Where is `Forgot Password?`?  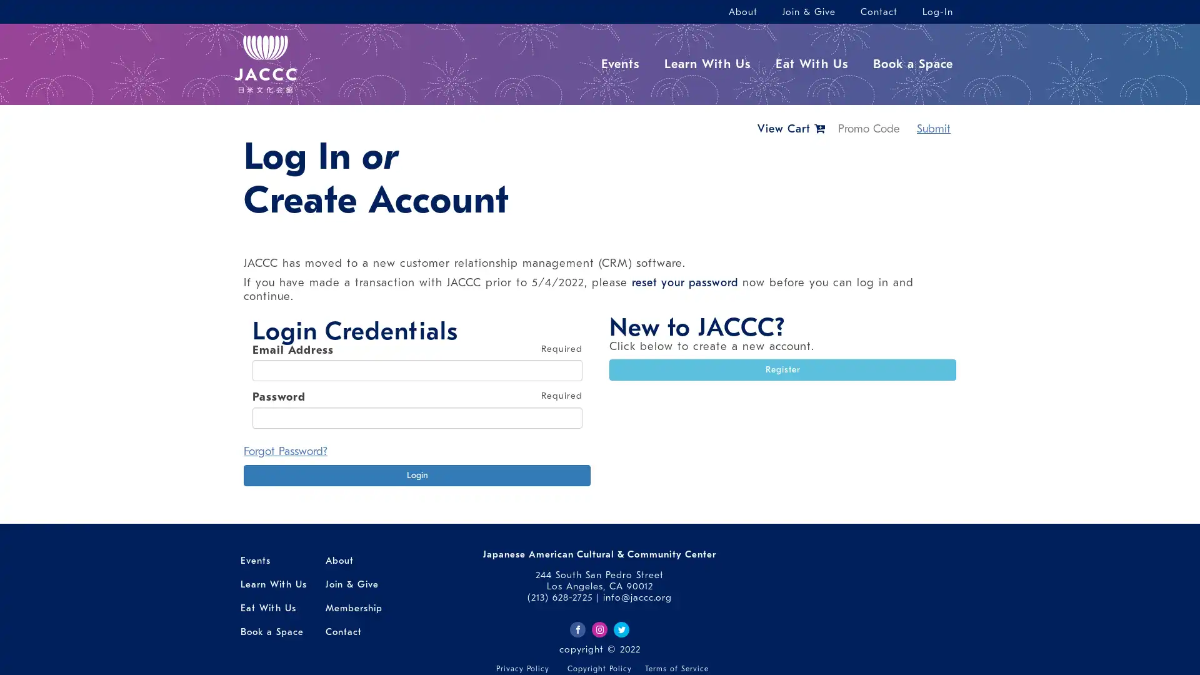
Forgot Password? is located at coordinates (284, 451).